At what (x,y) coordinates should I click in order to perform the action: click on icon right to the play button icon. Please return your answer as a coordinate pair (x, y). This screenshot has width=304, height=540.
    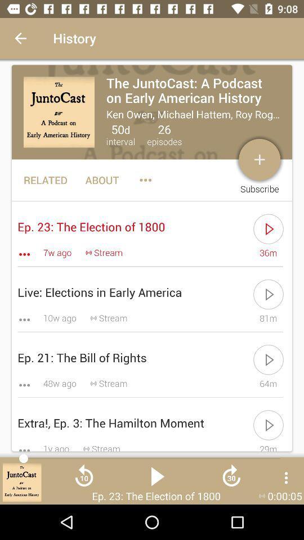
    Looking at the image, I should click on (231, 480).